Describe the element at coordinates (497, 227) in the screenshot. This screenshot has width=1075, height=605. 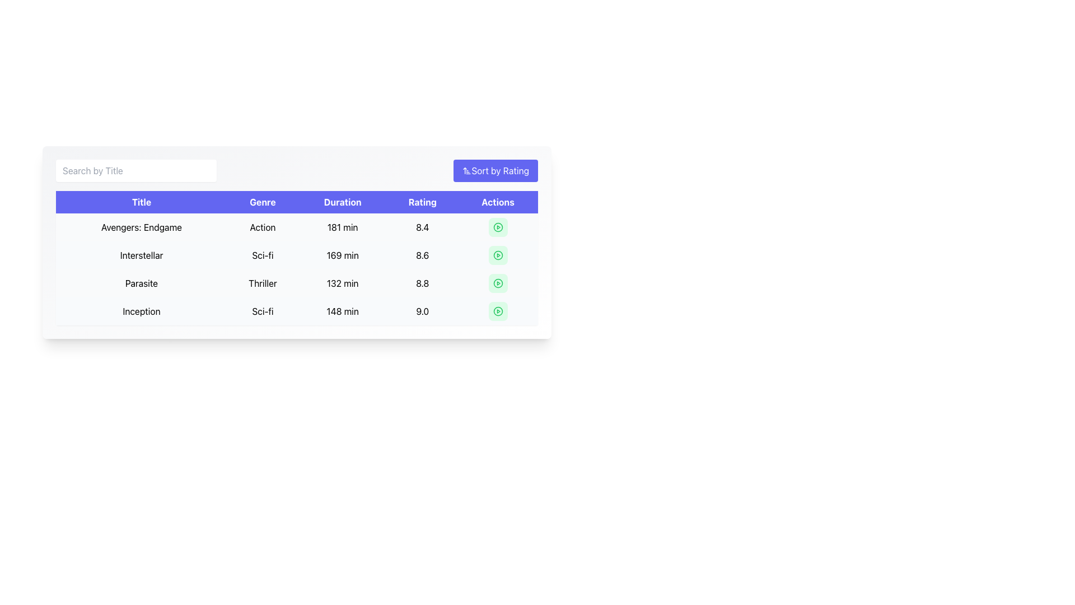
I see `the button in the 'Actions' column of the first row, which is styled with a green background and rounded corners, to initiate a video or audio action` at that location.